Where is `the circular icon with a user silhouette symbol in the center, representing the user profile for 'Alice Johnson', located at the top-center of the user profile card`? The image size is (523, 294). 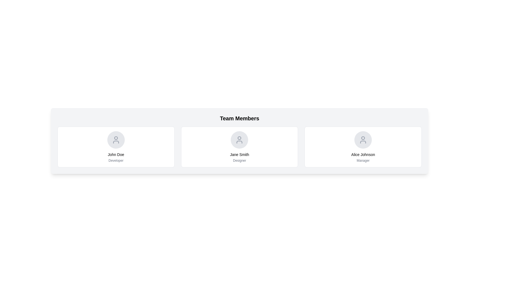
the circular icon with a user silhouette symbol in the center, representing the user profile for 'Alice Johnson', located at the top-center of the user profile card is located at coordinates (363, 139).